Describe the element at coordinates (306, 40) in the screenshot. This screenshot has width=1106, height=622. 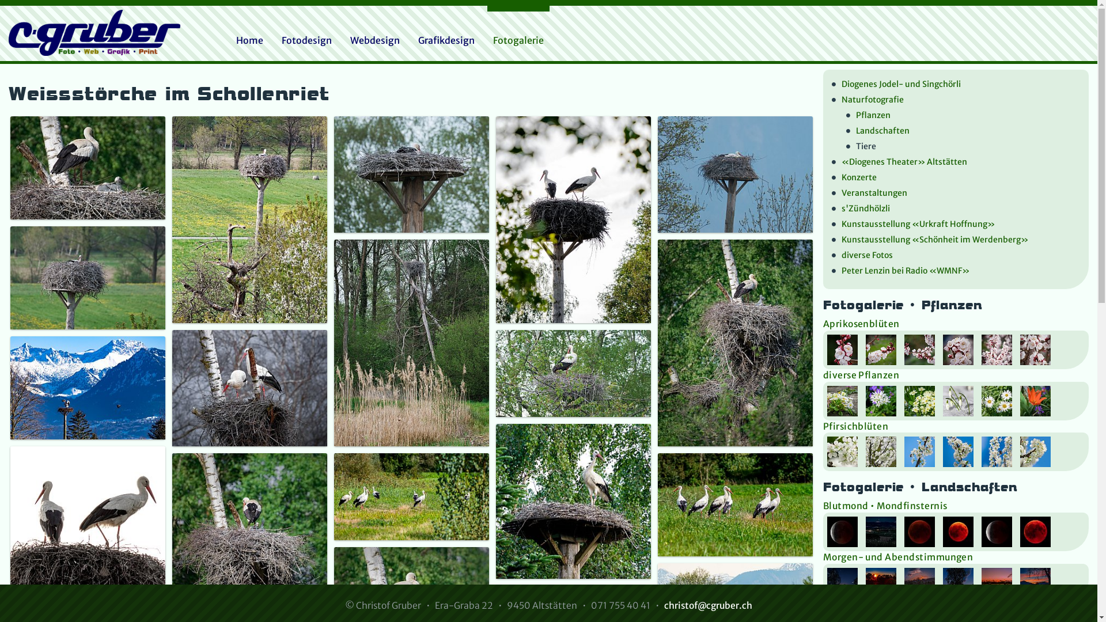
I see `'Fotodesign'` at that location.